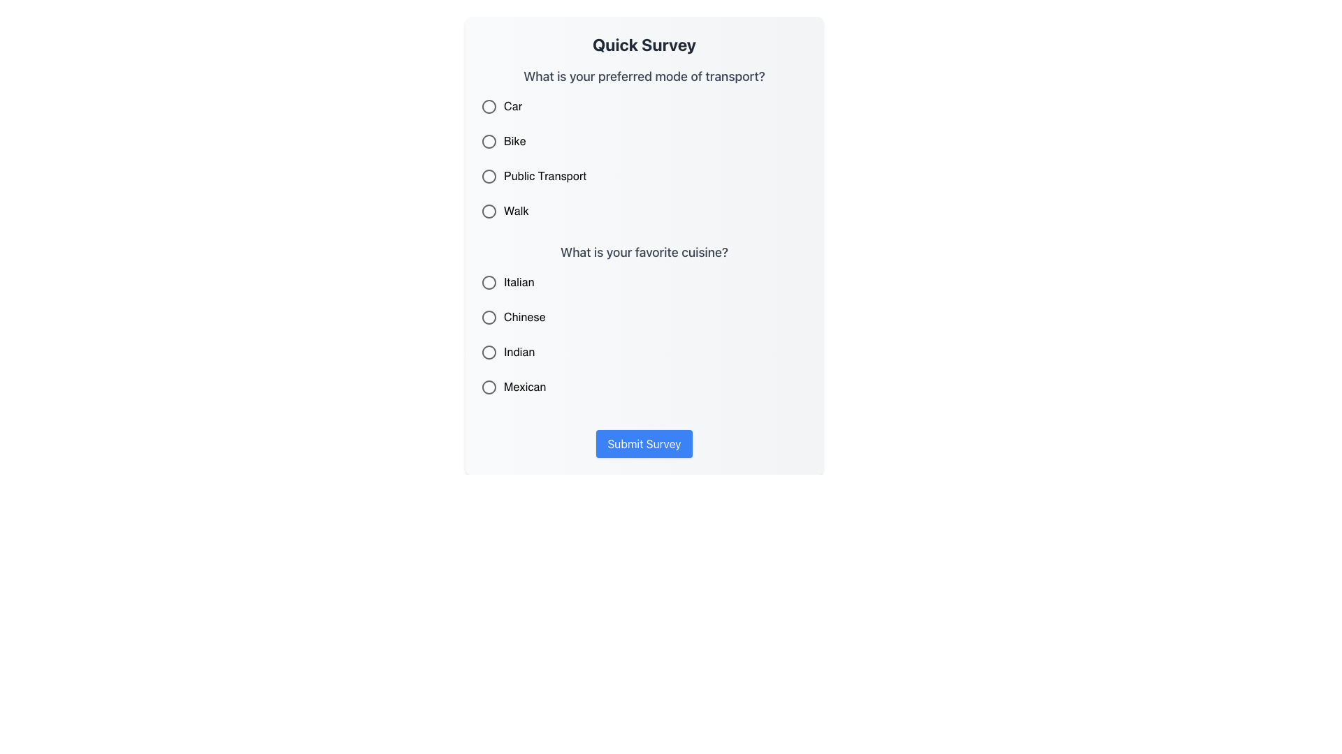 This screenshot has width=1342, height=754. I want to click on the filled radio button for 'Mexican' cuisine located in the survey form, so click(489, 387).